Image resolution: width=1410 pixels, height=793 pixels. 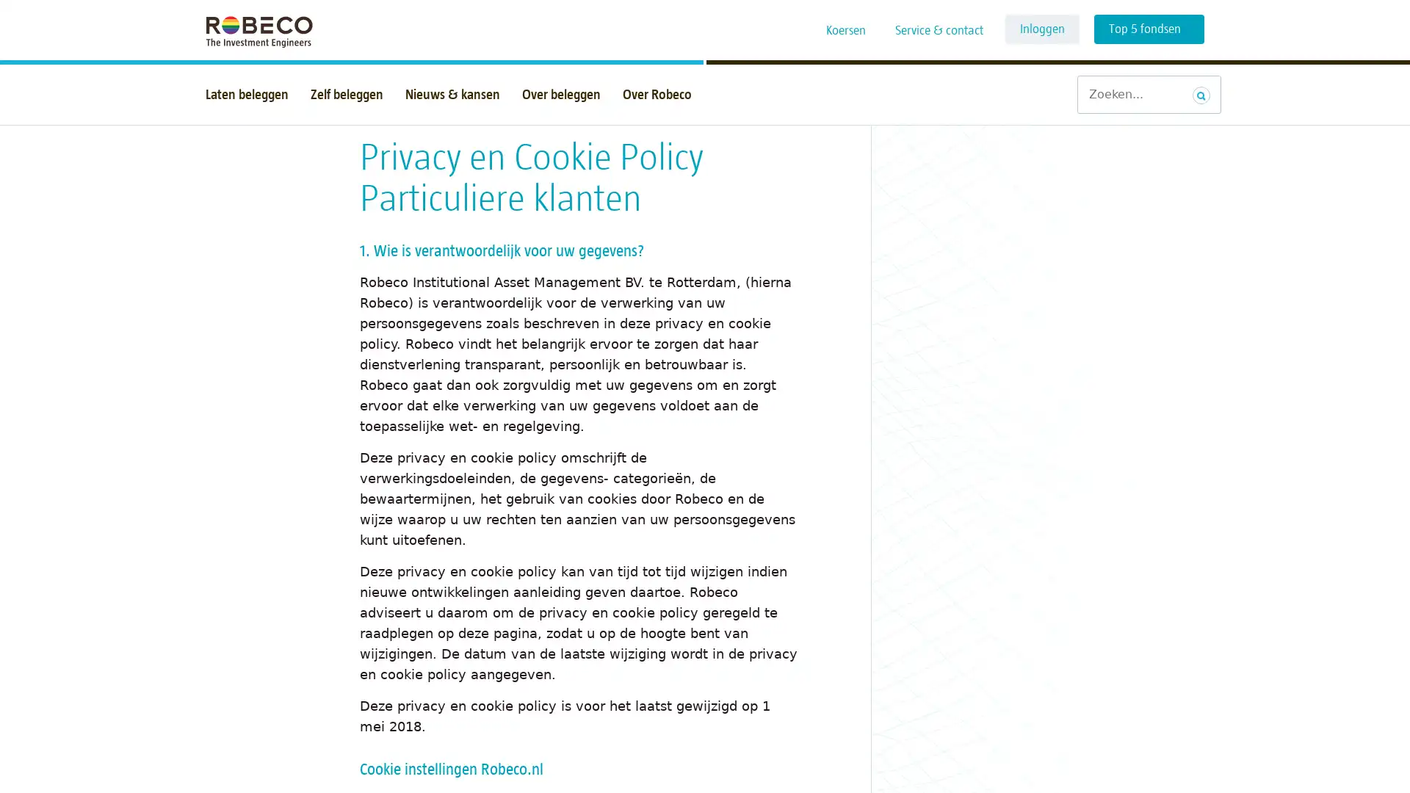 What do you see at coordinates (452, 94) in the screenshot?
I see `Nieuws & kansen` at bounding box center [452, 94].